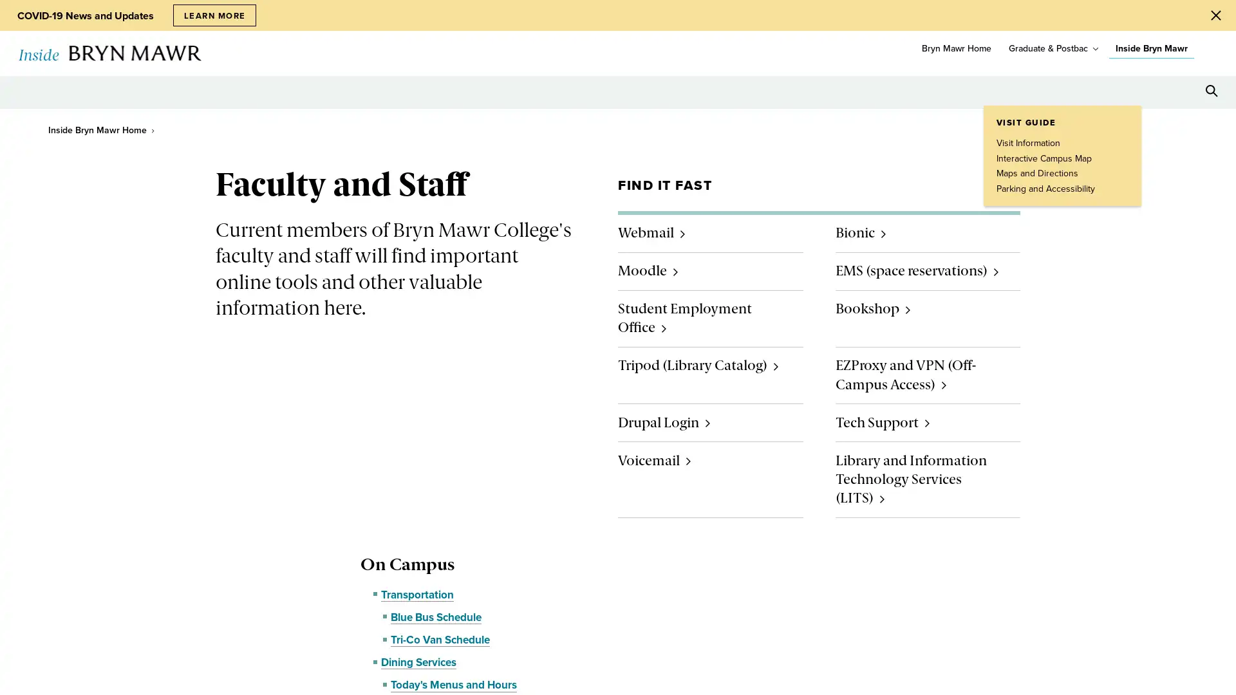 The image size is (1236, 695). Describe the element at coordinates (281, 84) in the screenshot. I see `toggle submenu` at that location.